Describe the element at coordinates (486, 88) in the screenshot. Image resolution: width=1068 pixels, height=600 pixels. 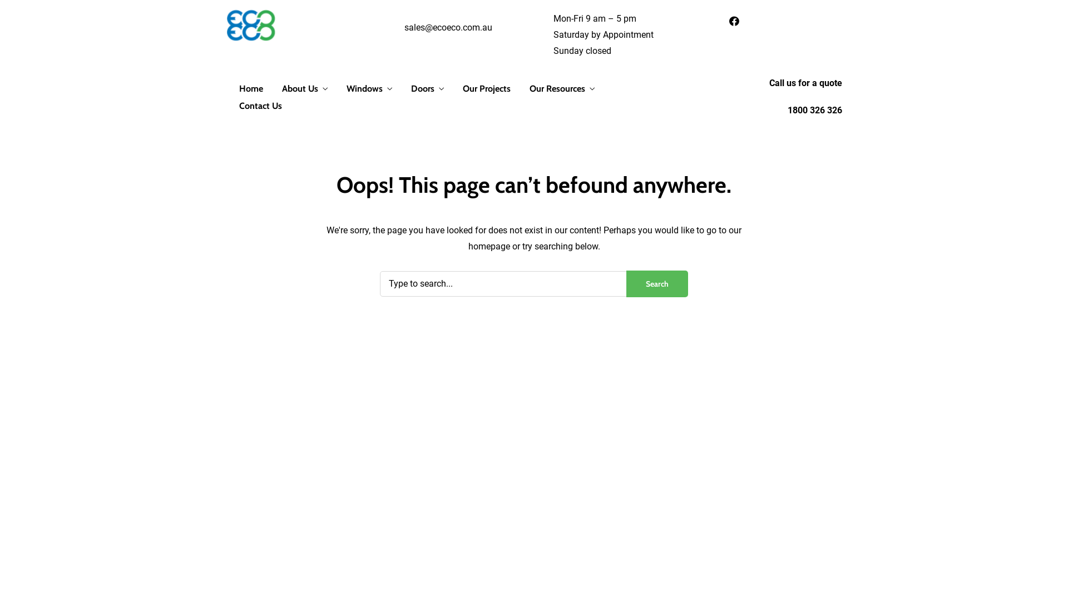
I see `'Our Projects'` at that location.